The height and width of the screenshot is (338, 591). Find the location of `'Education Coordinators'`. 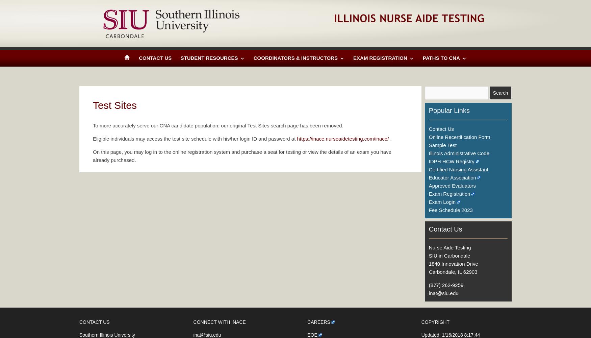

'Education Coordinators' is located at coordinates (260, 146).